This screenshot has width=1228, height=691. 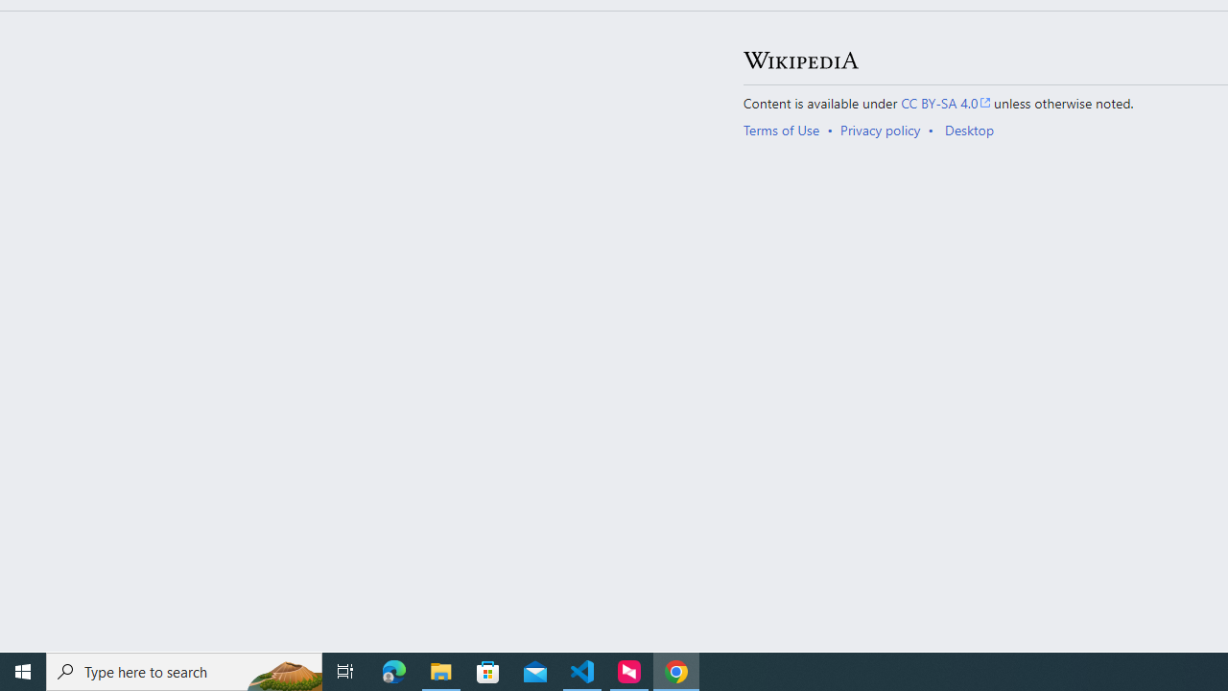 What do you see at coordinates (886, 130) in the screenshot?
I see `'AutomationID: footer-places-privacy'` at bounding box center [886, 130].